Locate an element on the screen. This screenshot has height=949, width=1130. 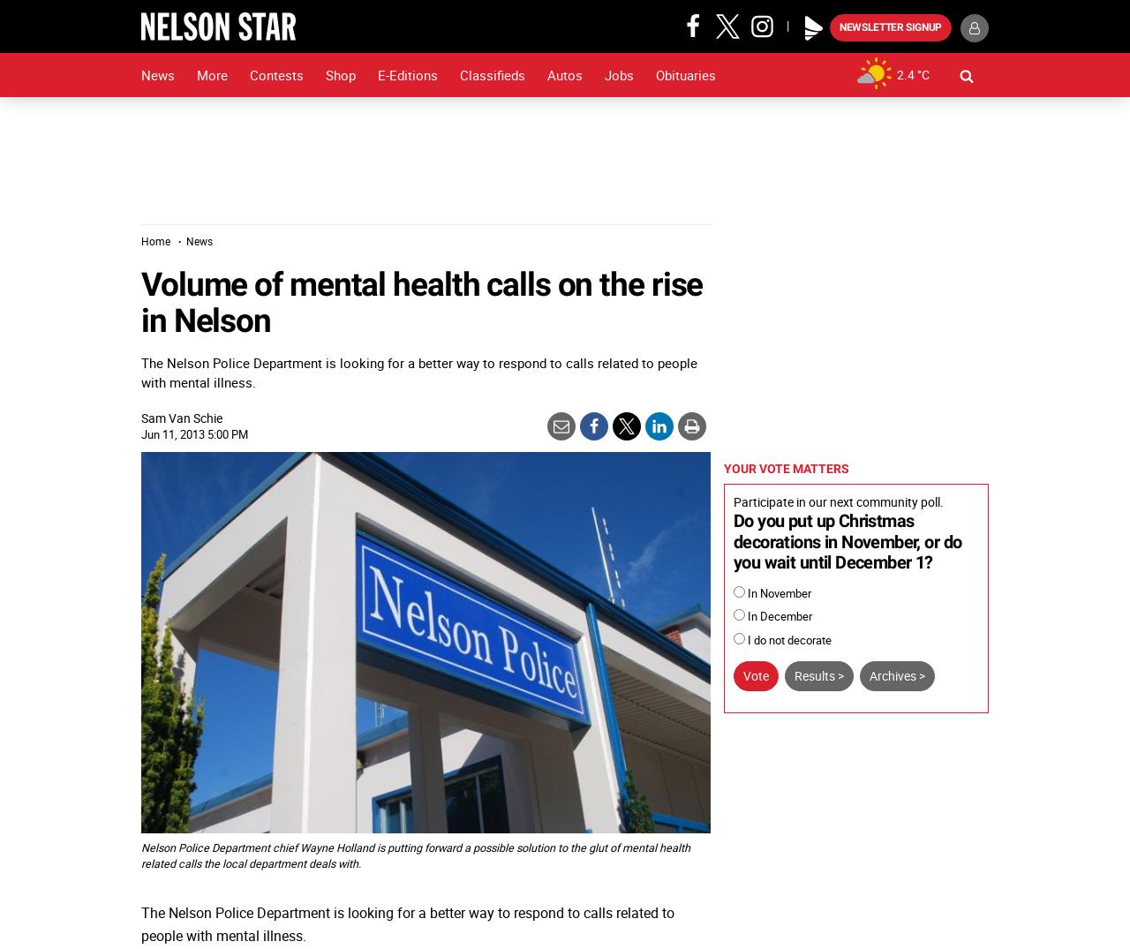
'Do you put up Christmas decorations in November, or do you wait until December 1?' is located at coordinates (733, 541).